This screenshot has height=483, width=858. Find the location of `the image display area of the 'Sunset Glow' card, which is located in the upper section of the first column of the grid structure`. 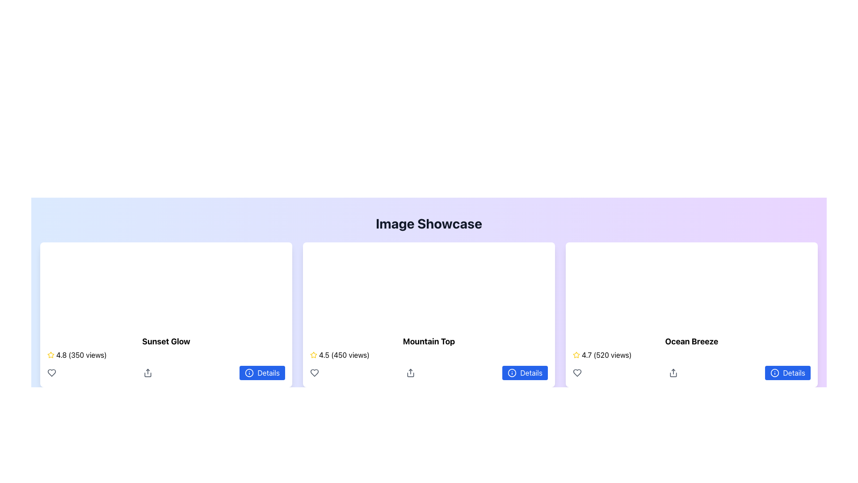

the image display area of the 'Sunset Glow' card, which is located in the upper section of the first column of the grid structure is located at coordinates (166, 285).